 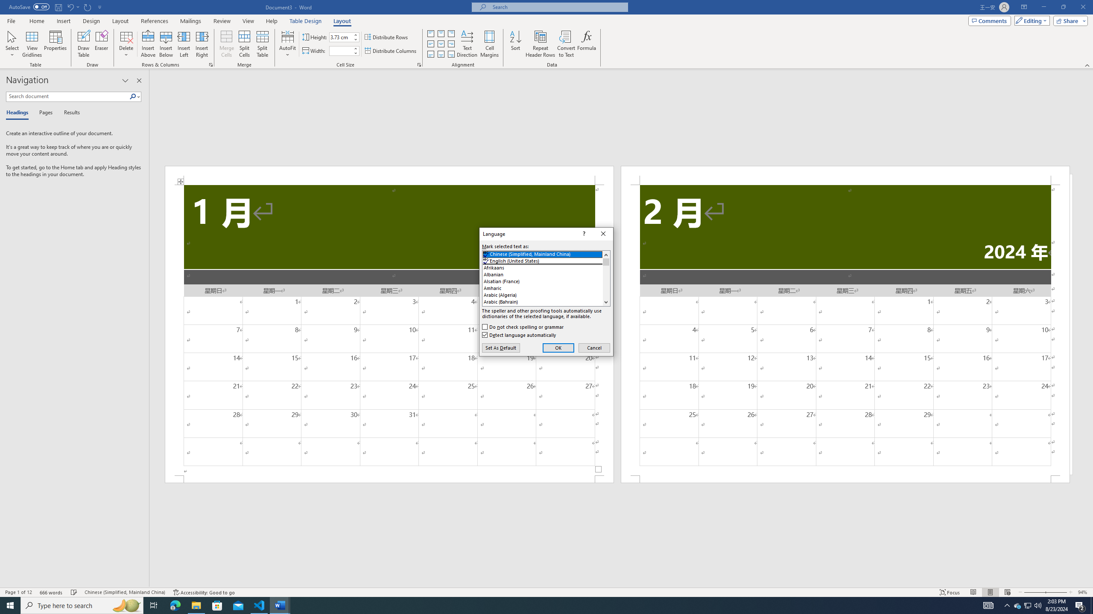 I want to click on 'Convert to Text...', so click(x=566, y=44).